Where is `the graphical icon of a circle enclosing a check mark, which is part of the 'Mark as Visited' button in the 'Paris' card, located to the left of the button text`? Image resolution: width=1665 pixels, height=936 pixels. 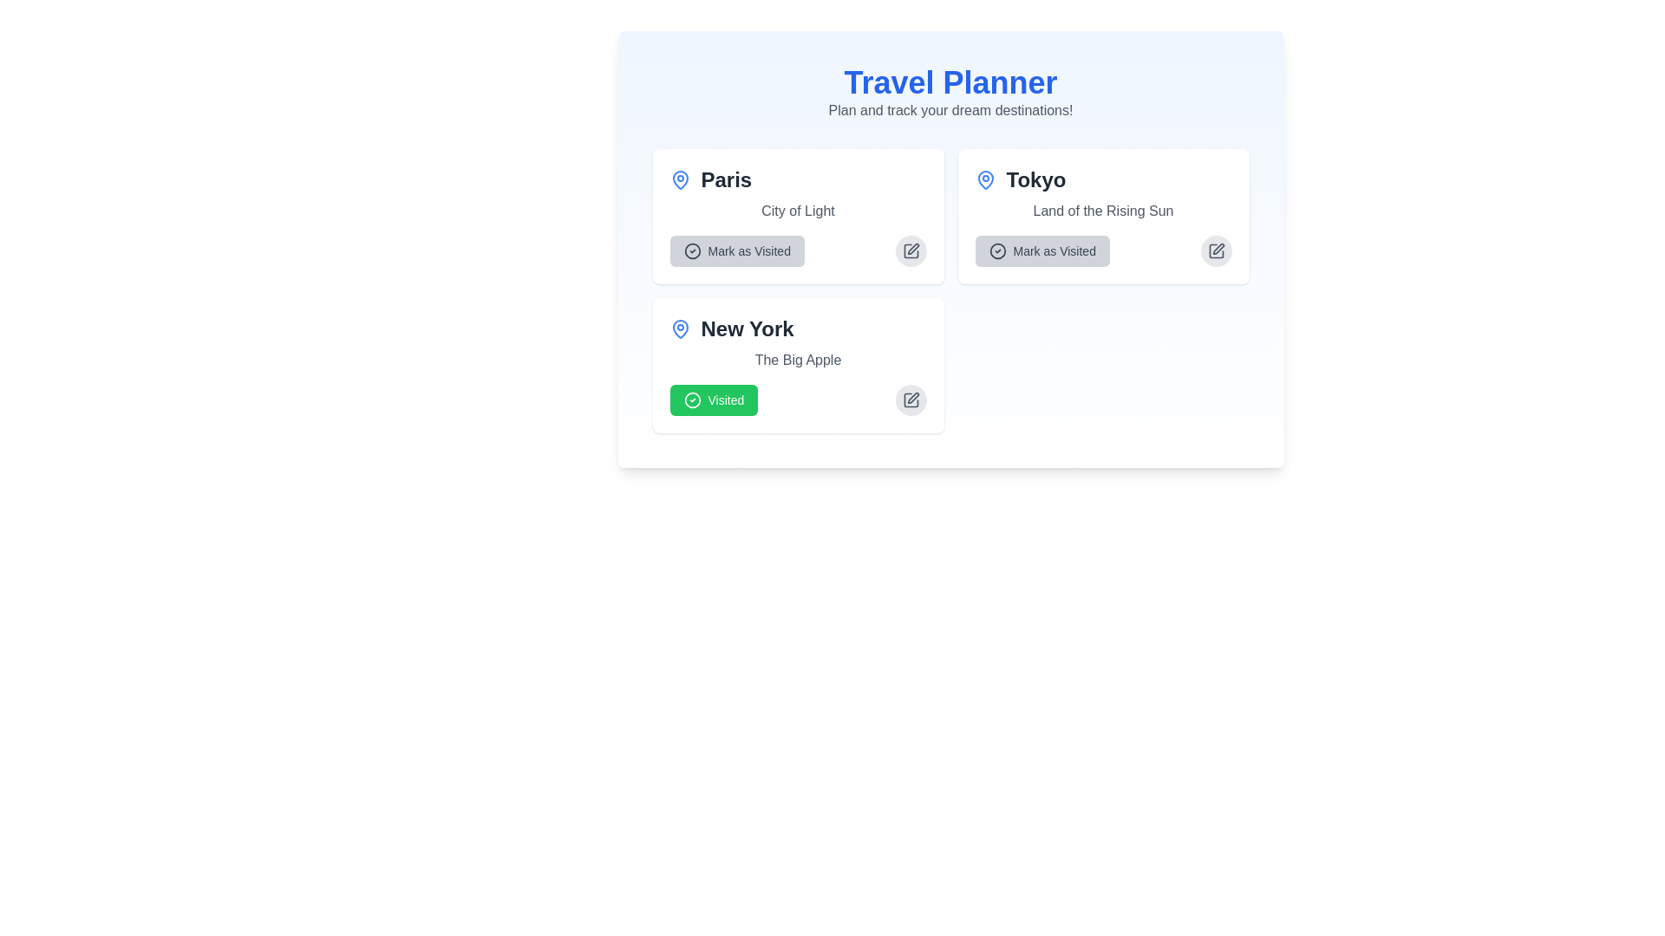
the graphical icon of a circle enclosing a check mark, which is part of the 'Mark as Visited' button in the 'Paris' card, located to the left of the button text is located at coordinates (691, 250).